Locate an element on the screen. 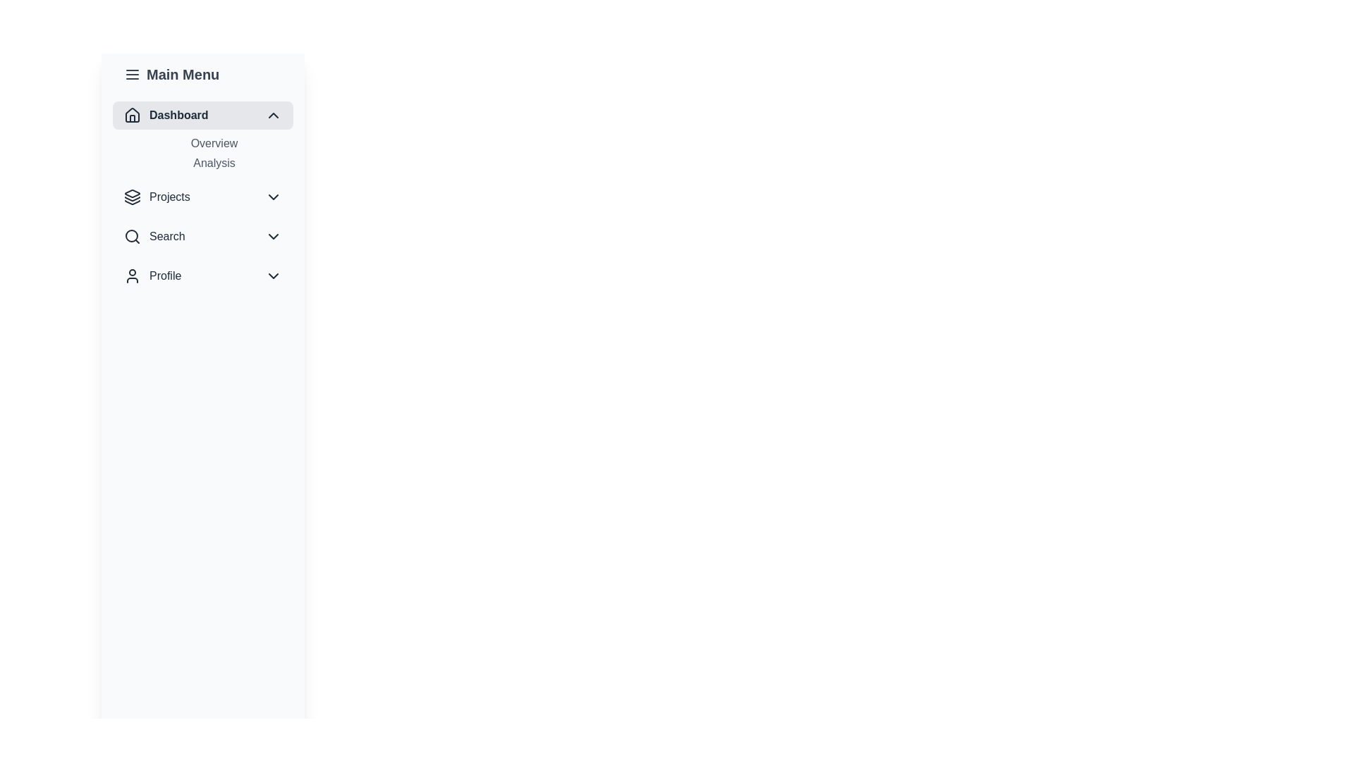  the 'Projects' menu item, which features a stacked layers icon and a clean sans-serif text label is located at coordinates (157, 197).